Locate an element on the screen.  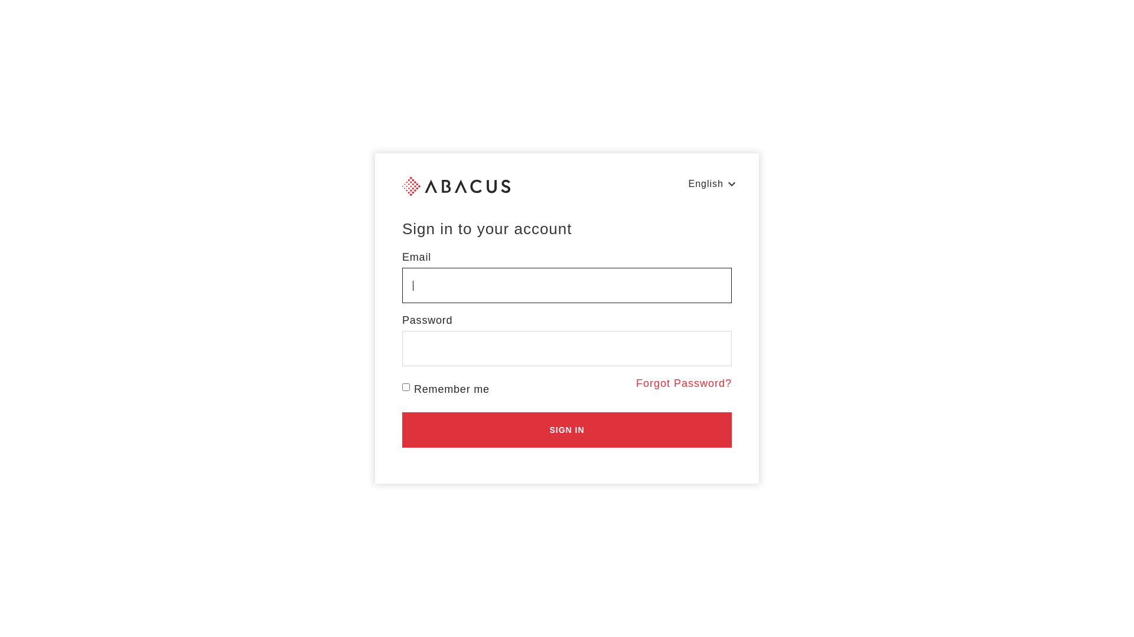
'English' is located at coordinates (711, 184).